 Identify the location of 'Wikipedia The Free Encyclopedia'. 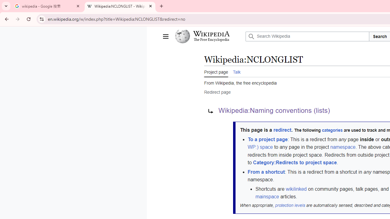
(208, 36).